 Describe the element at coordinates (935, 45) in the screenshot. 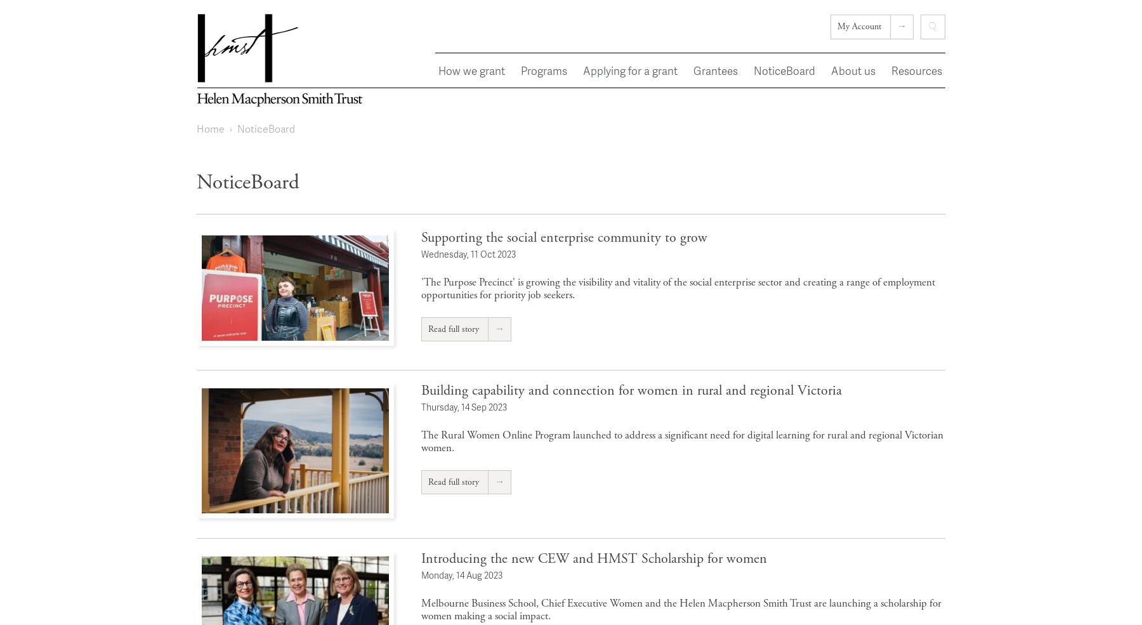

I see `'Search'` at that location.